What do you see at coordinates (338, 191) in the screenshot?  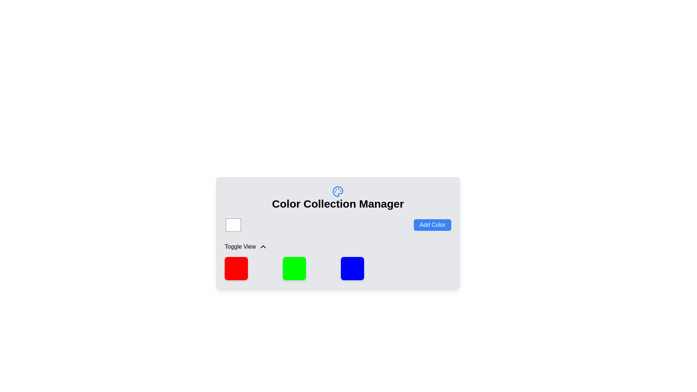 I see `the circular blue palette icon located above the 'Color Collection Manager' title` at bounding box center [338, 191].